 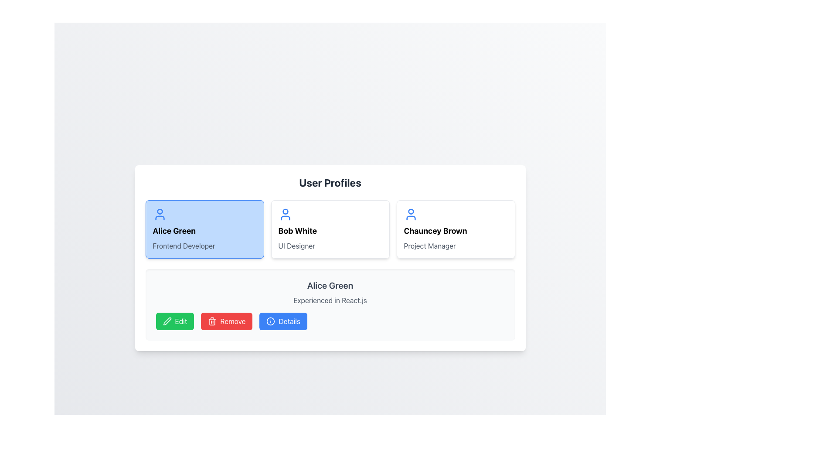 I want to click on the first user profile card, which includes the user's name and professional title, so click(x=204, y=229).